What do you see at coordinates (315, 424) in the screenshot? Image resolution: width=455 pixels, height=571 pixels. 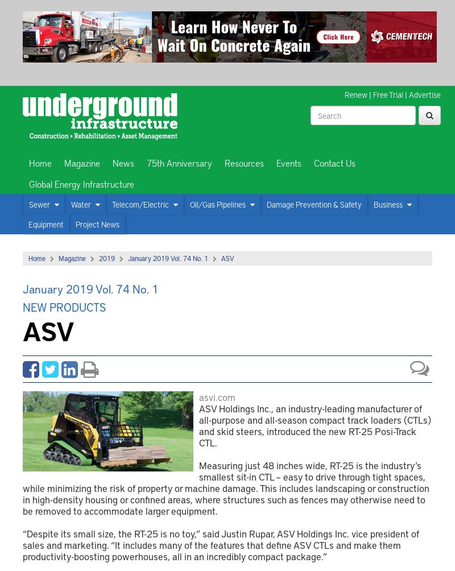 I see `'ASV Holdings Inc., an industry-leading manufacturer of all-purpose and all-season compact track loaders (CTLs) and skid steers, introduced the new RT-25 Posi-Track CTL.'` at bounding box center [315, 424].